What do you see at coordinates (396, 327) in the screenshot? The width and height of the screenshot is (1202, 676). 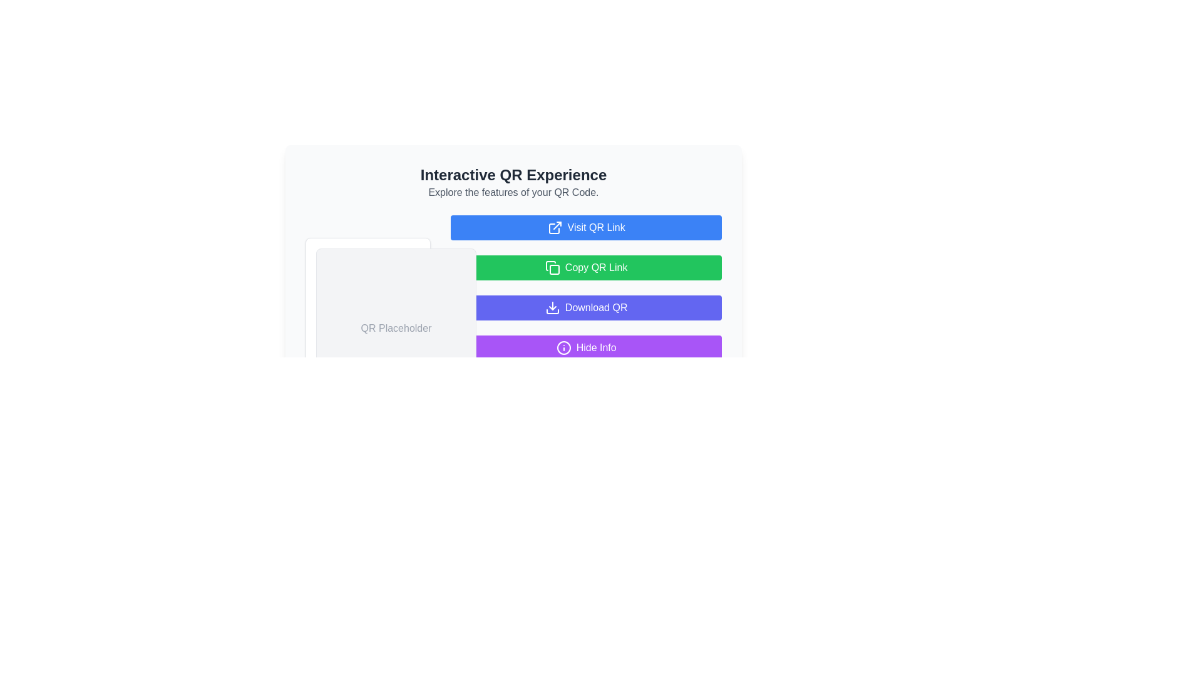 I see `the text element that serves as a placeholder or label within the QR code representation area, which is centrally aligned beneath the 'Interactive QR Experience' header and related buttons` at bounding box center [396, 327].